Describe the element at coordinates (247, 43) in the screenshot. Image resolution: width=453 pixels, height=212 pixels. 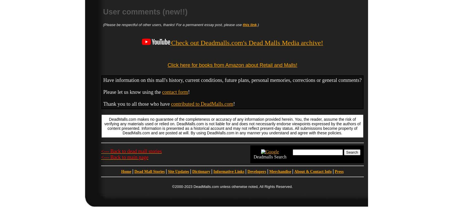
I see `'Check out Deadmalls.com's Dead Malls Media archive!'` at that location.